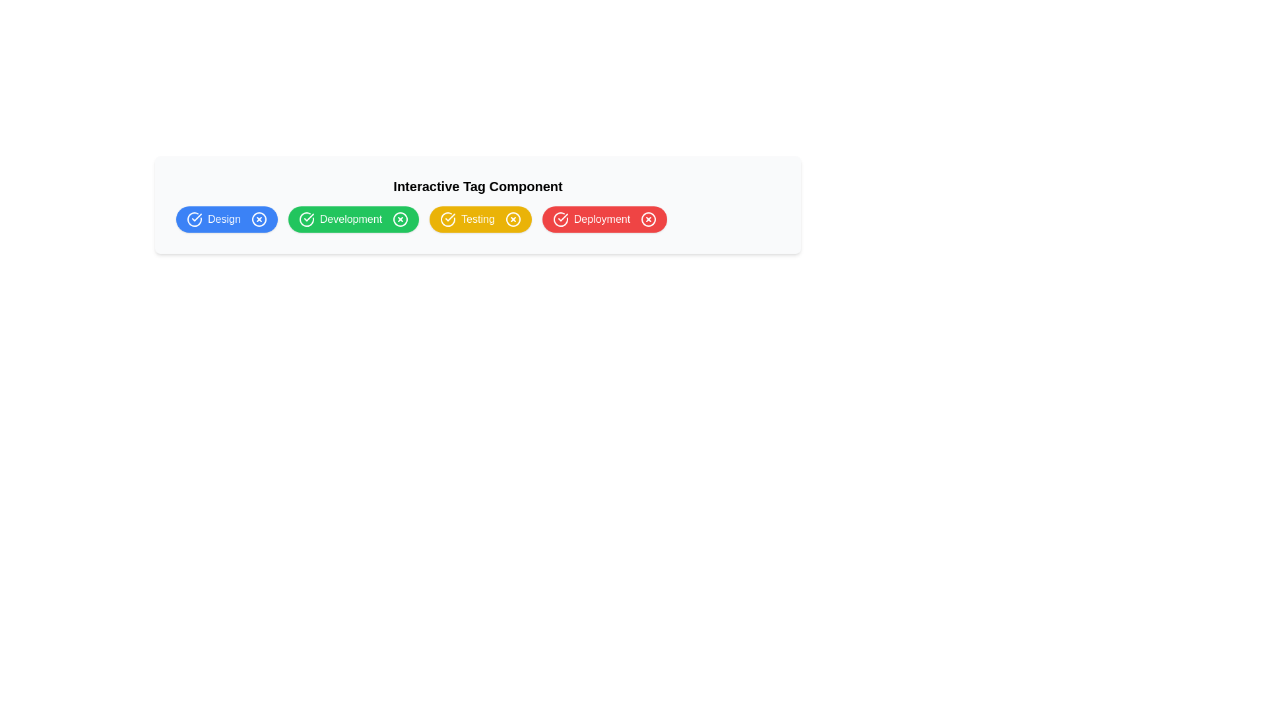 The height and width of the screenshot is (712, 1267). I want to click on the Close button, which is a small circular button with a white 'X' icon on a green background, located to the right of the 'Development' text, so click(400, 218).